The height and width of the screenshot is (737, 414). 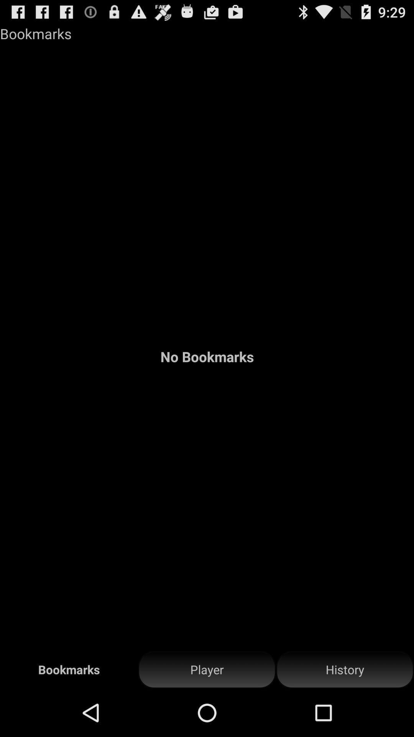 What do you see at coordinates (207, 669) in the screenshot?
I see `the icon to the right of bookmarks item` at bounding box center [207, 669].